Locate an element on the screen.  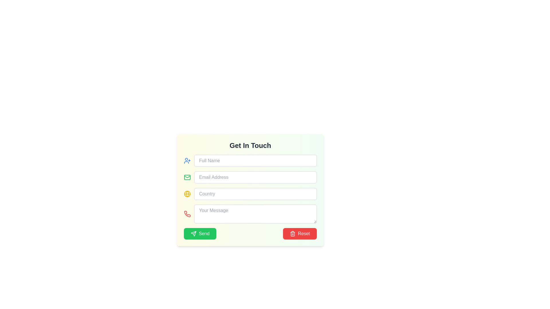
the text input field for 'Country' is located at coordinates (255, 194).